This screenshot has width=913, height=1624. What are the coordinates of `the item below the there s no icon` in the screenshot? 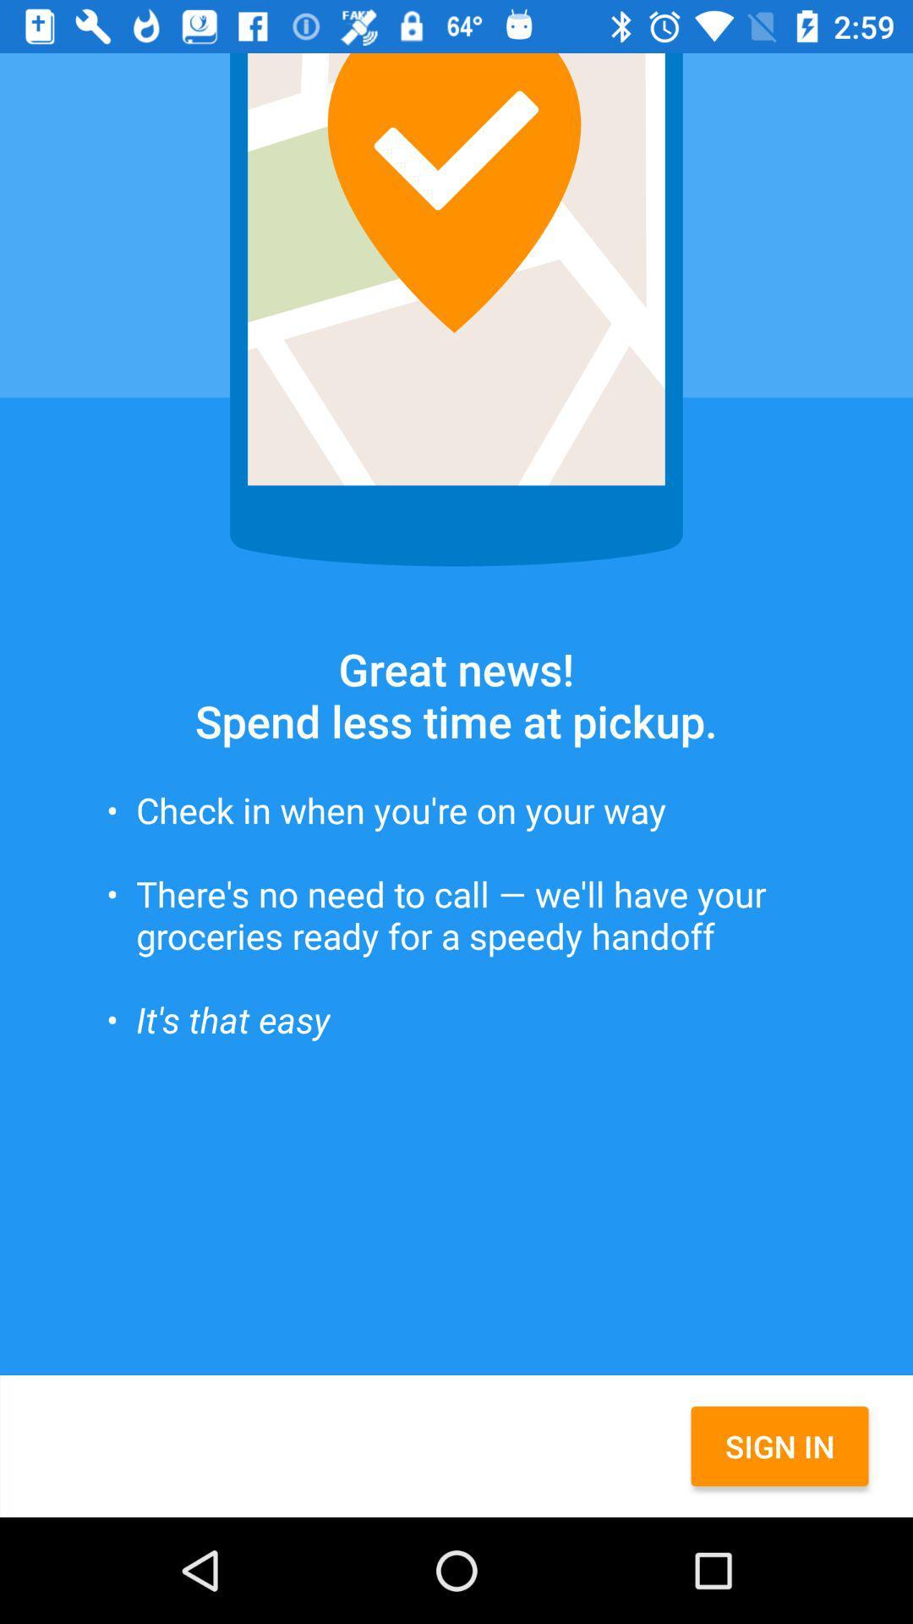 It's located at (779, 1445).